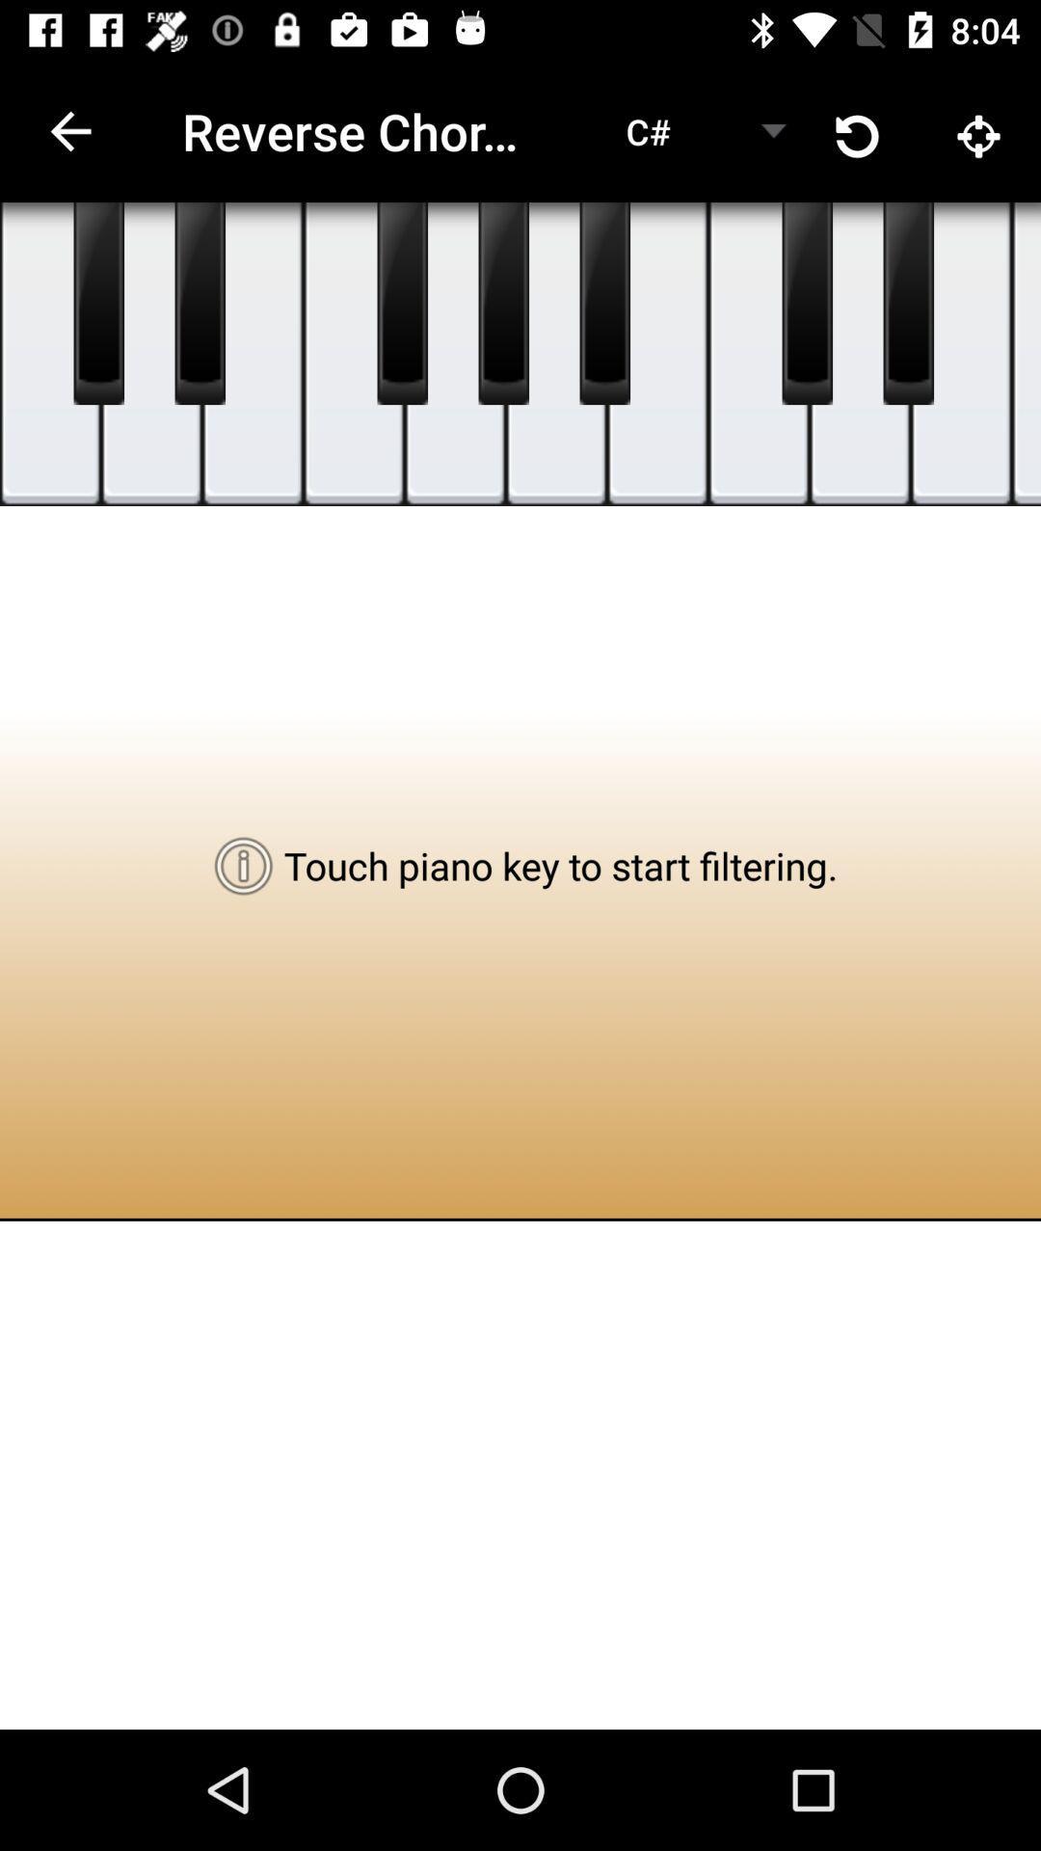 The image size is (1041, 1851). What do you see at coordinates (1025, 354) in the screenshot?
I see `piano key` at bounding box center [1025, 354].